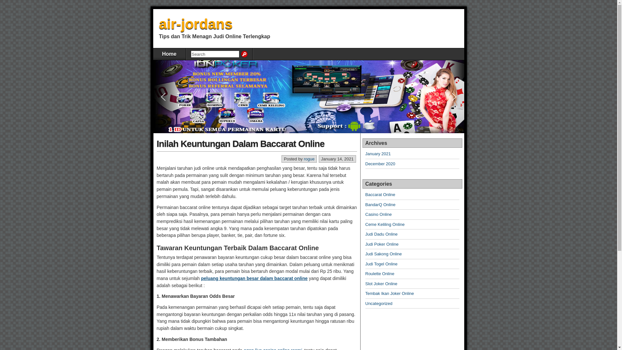 The width and height of the screenshot is (622, 350). Describe the element at coordinates (380, 163) in the screenshot. I see `'December 2020'` at that location.